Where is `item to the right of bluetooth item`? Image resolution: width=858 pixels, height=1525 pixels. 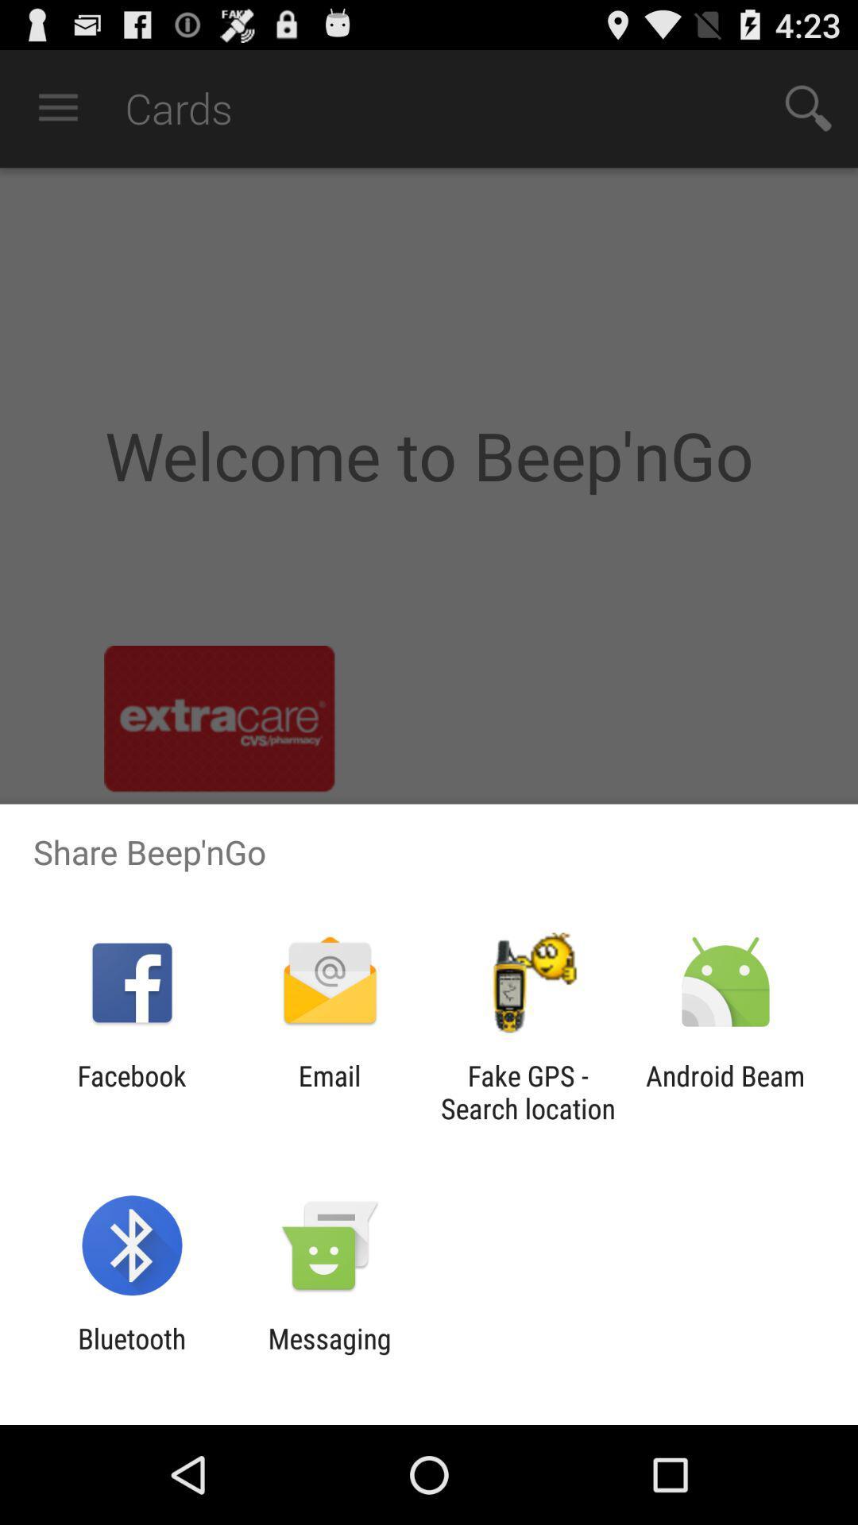
item to the right of bluetooth item is located at coordinates (329, 1354).